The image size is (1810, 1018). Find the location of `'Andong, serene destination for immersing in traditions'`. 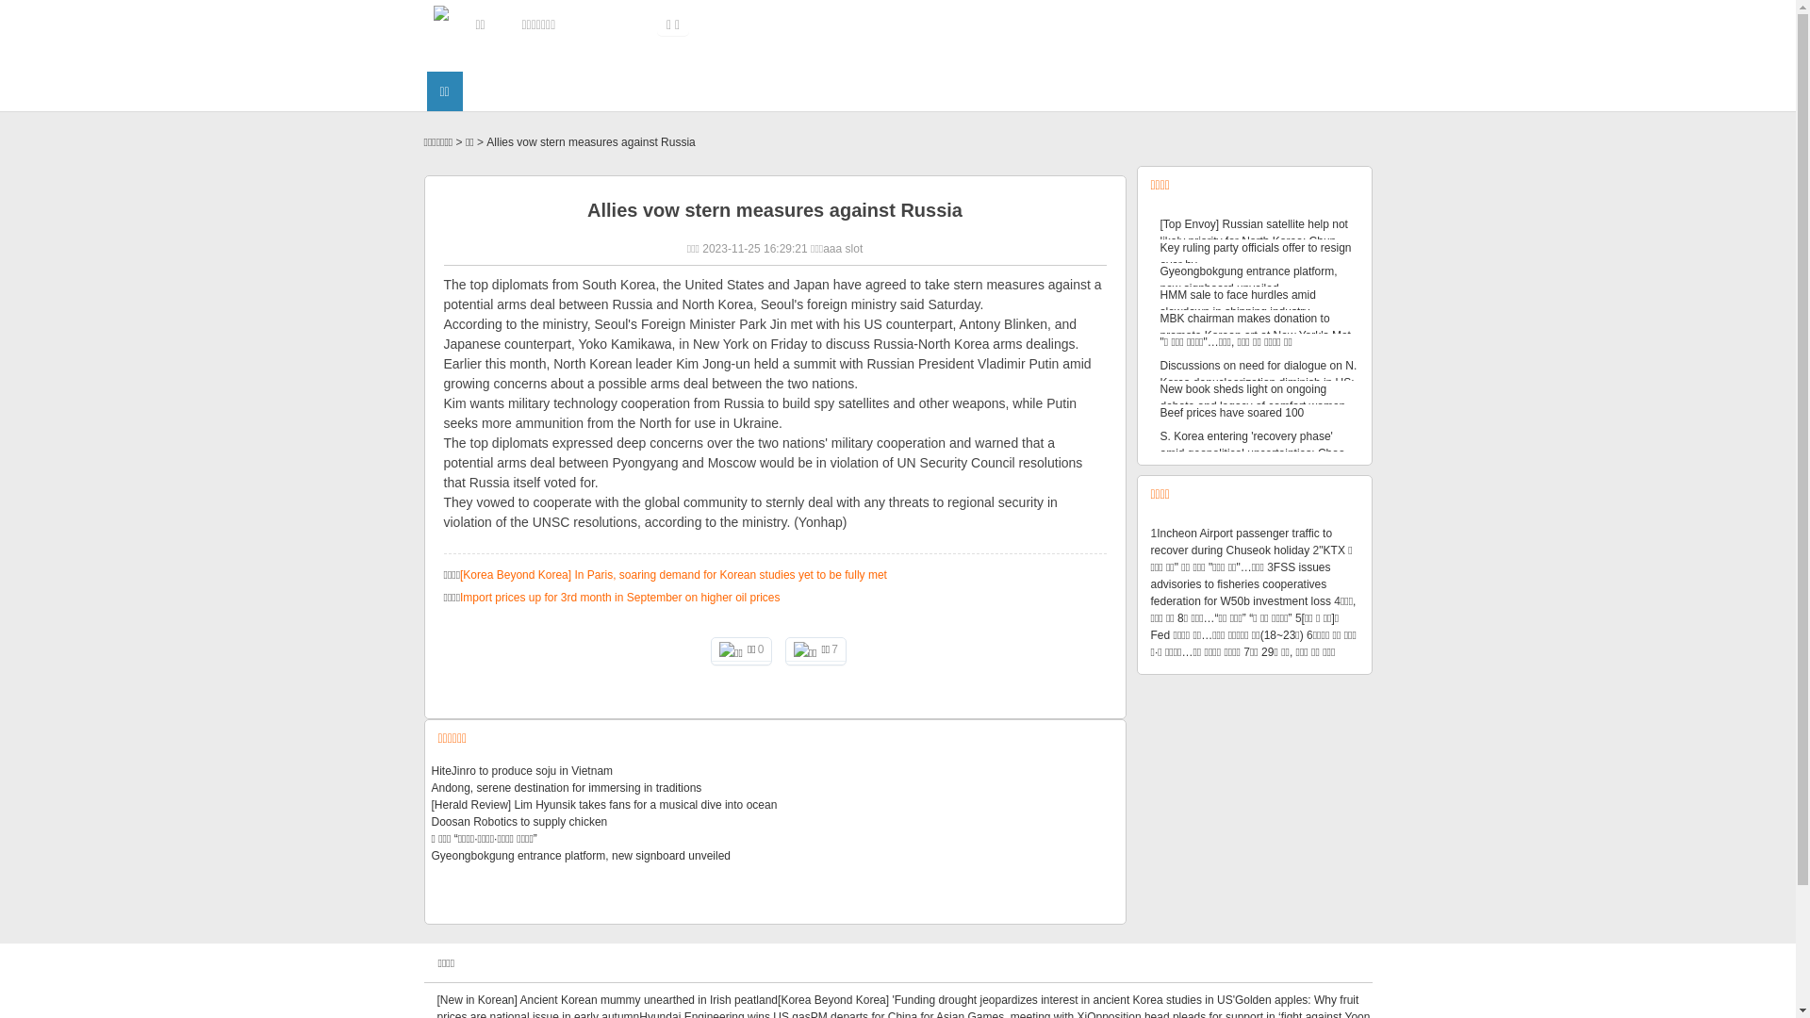

'Andong, serene destination for immersing in traditions' is located at coordinates (430, 788).